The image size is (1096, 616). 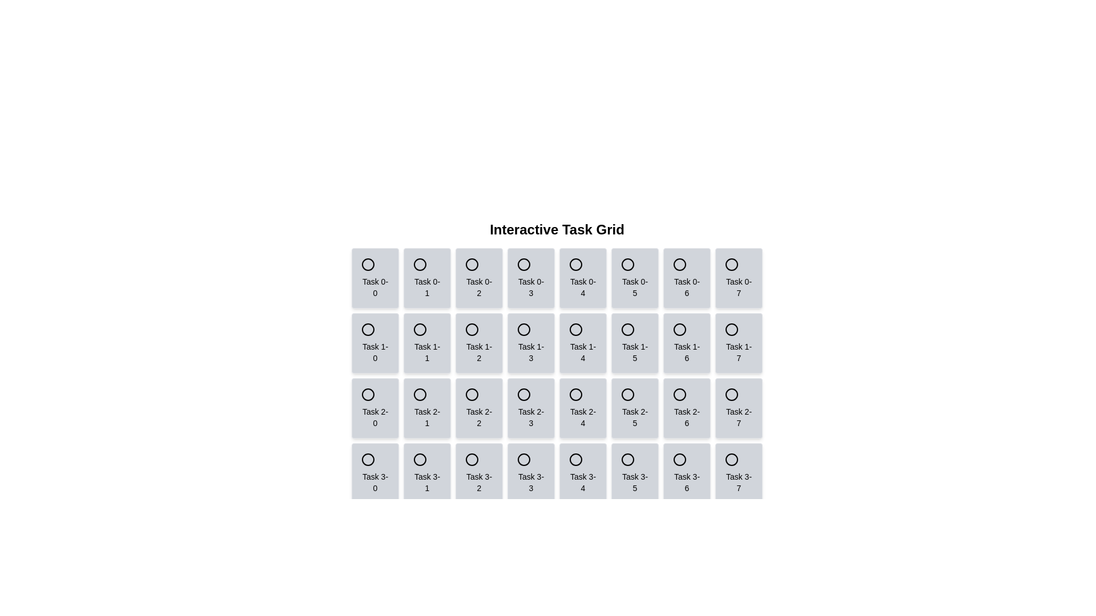 What do you see at coordinates (375, 278) in the screenshot?
I see `the button labeled 'Task 0-0'` at bounding box center [375, 278].